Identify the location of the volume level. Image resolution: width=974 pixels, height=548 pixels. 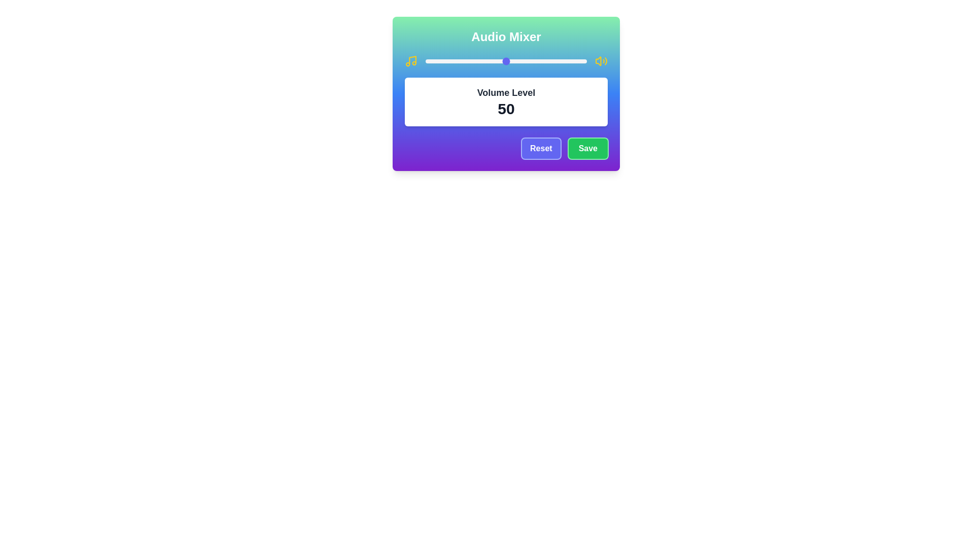
(530, 61).